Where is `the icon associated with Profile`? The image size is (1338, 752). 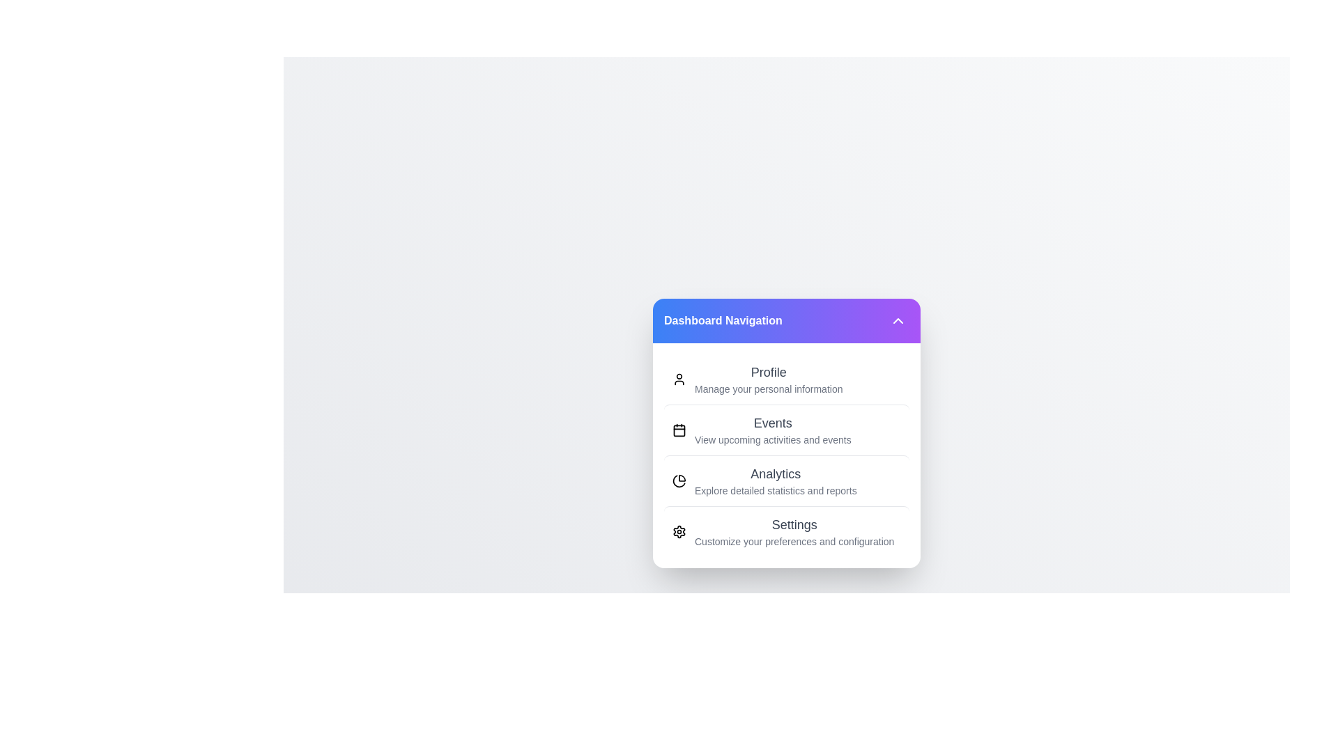 the icon associated with Profile is located at coordinates (679, 379).